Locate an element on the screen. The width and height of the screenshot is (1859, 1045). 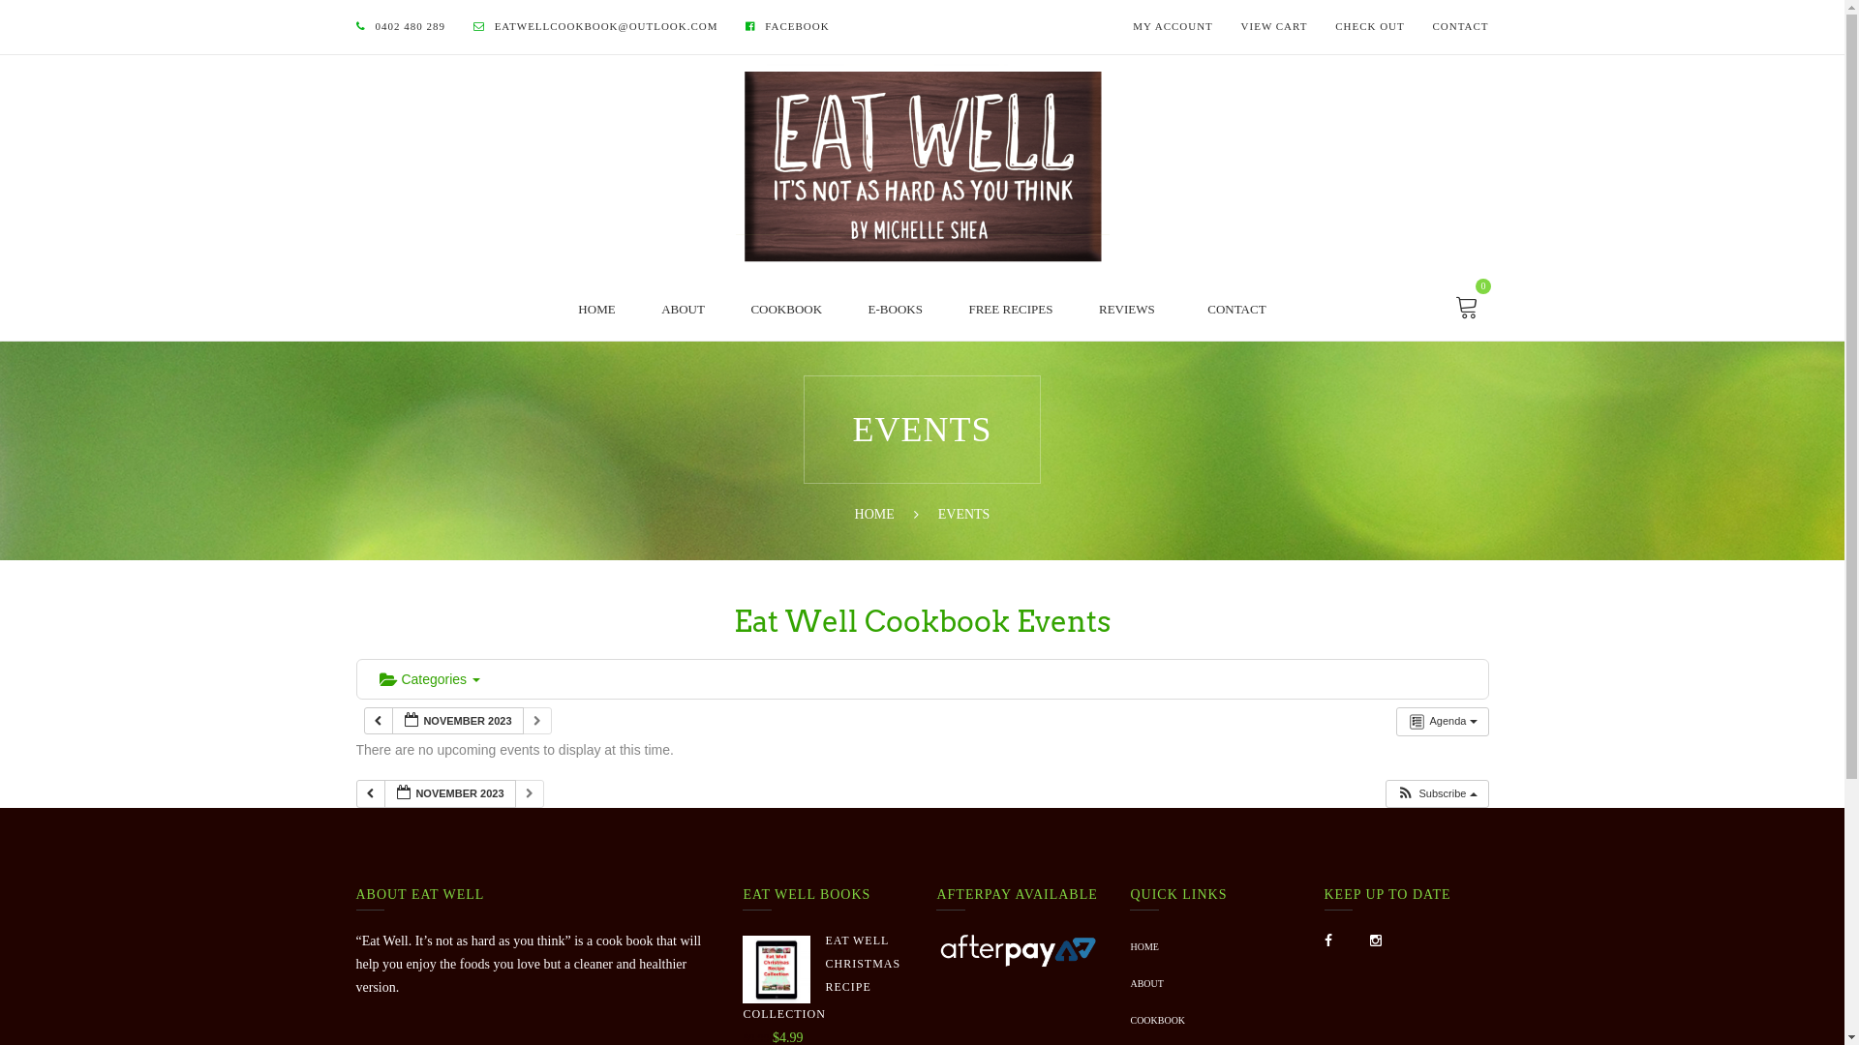
'Agenda' is located at coordinates (1442, 721).